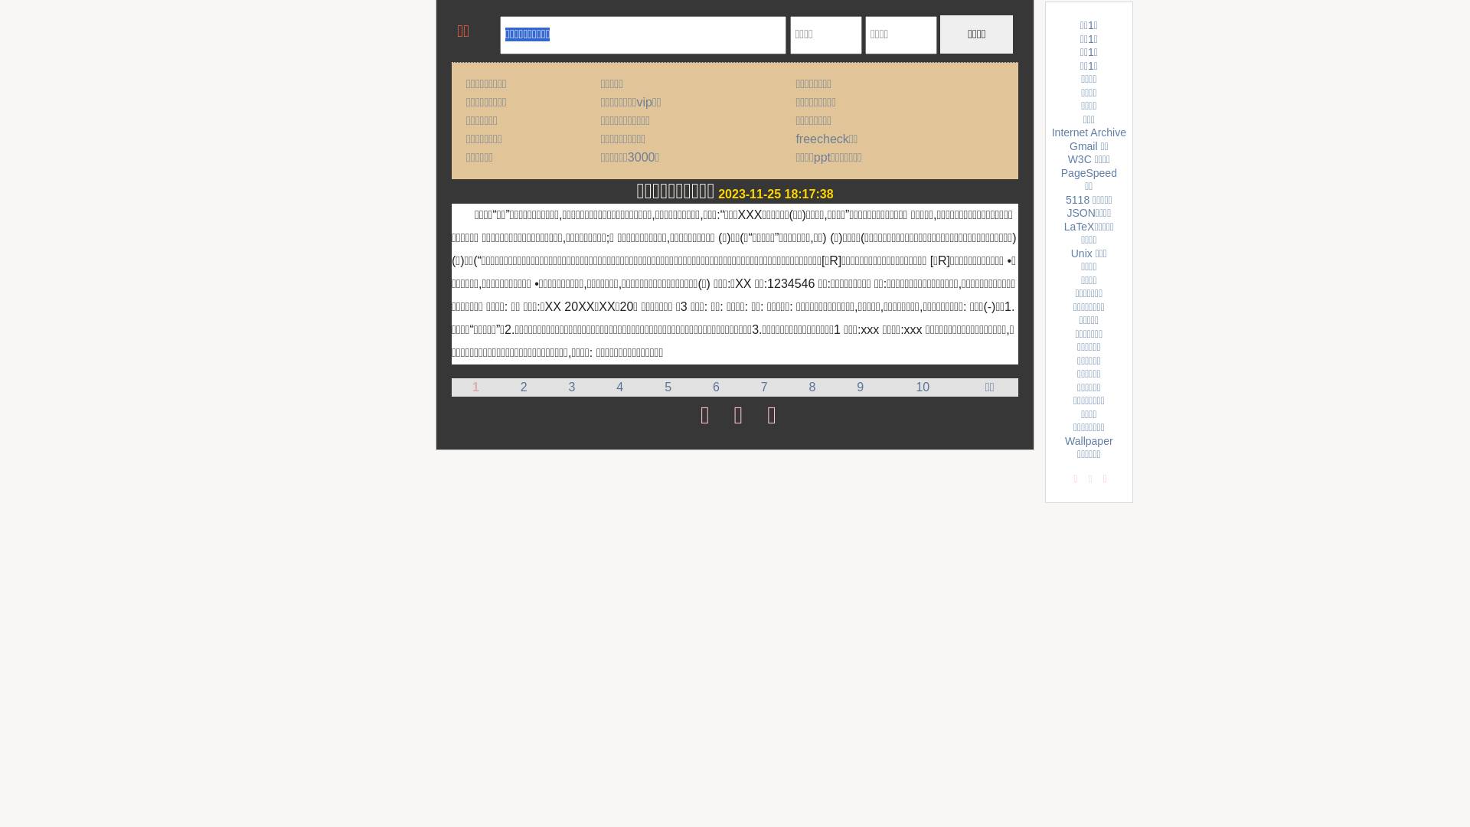  I want to click on '8', so click(812, 386).